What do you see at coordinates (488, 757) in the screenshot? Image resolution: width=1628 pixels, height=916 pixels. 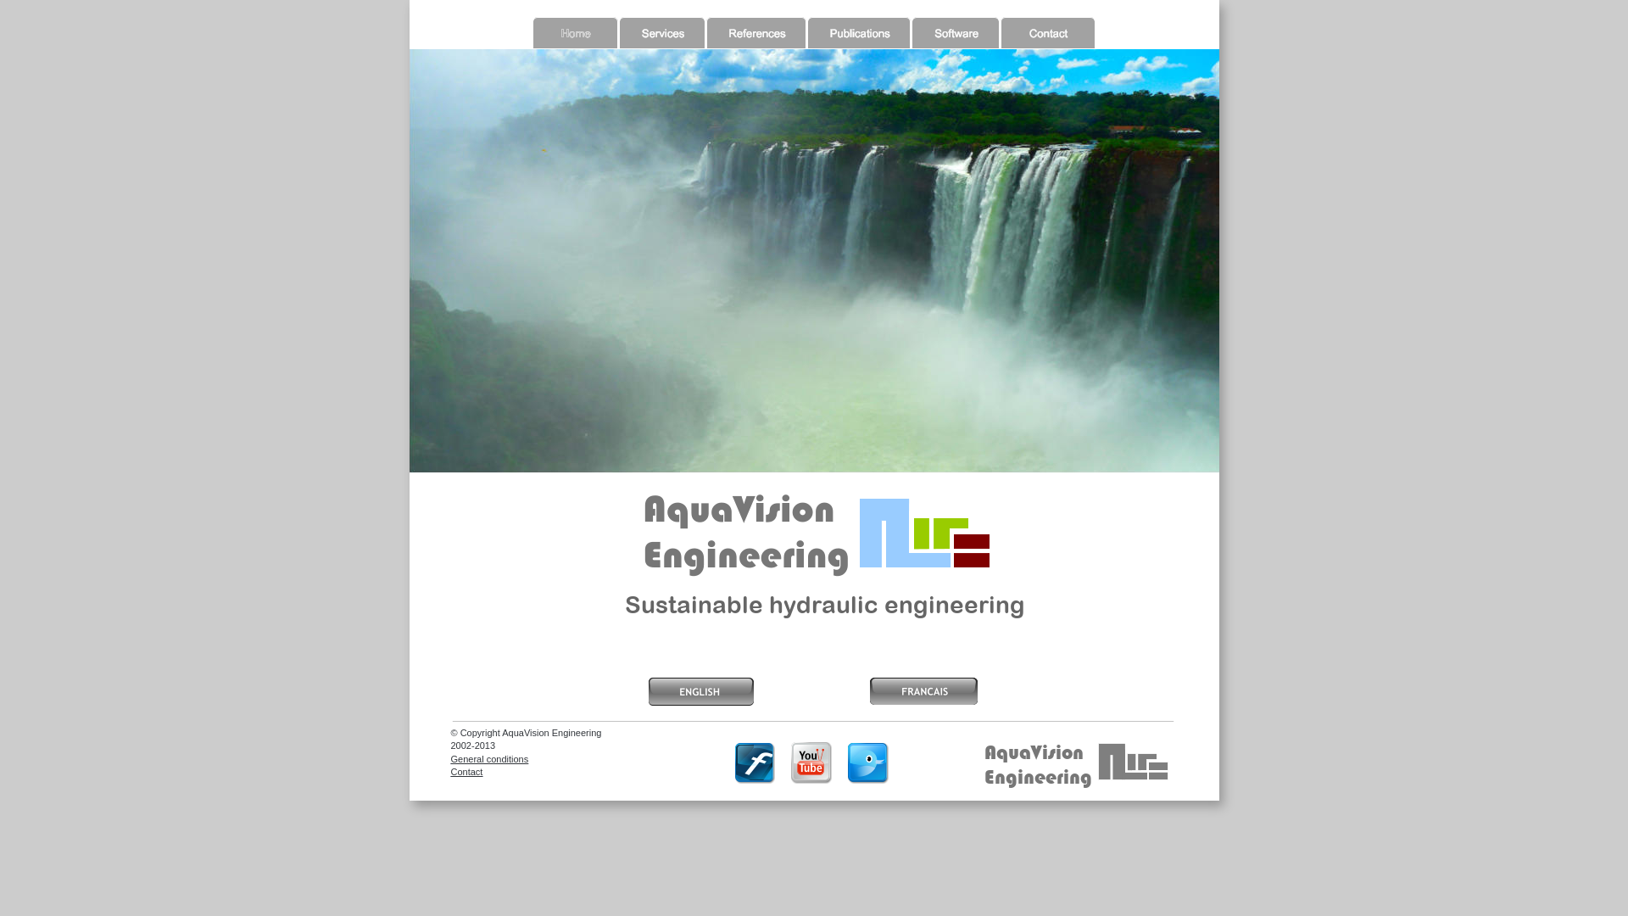 I see `'General conditions'` at bounding box center [488, 757].